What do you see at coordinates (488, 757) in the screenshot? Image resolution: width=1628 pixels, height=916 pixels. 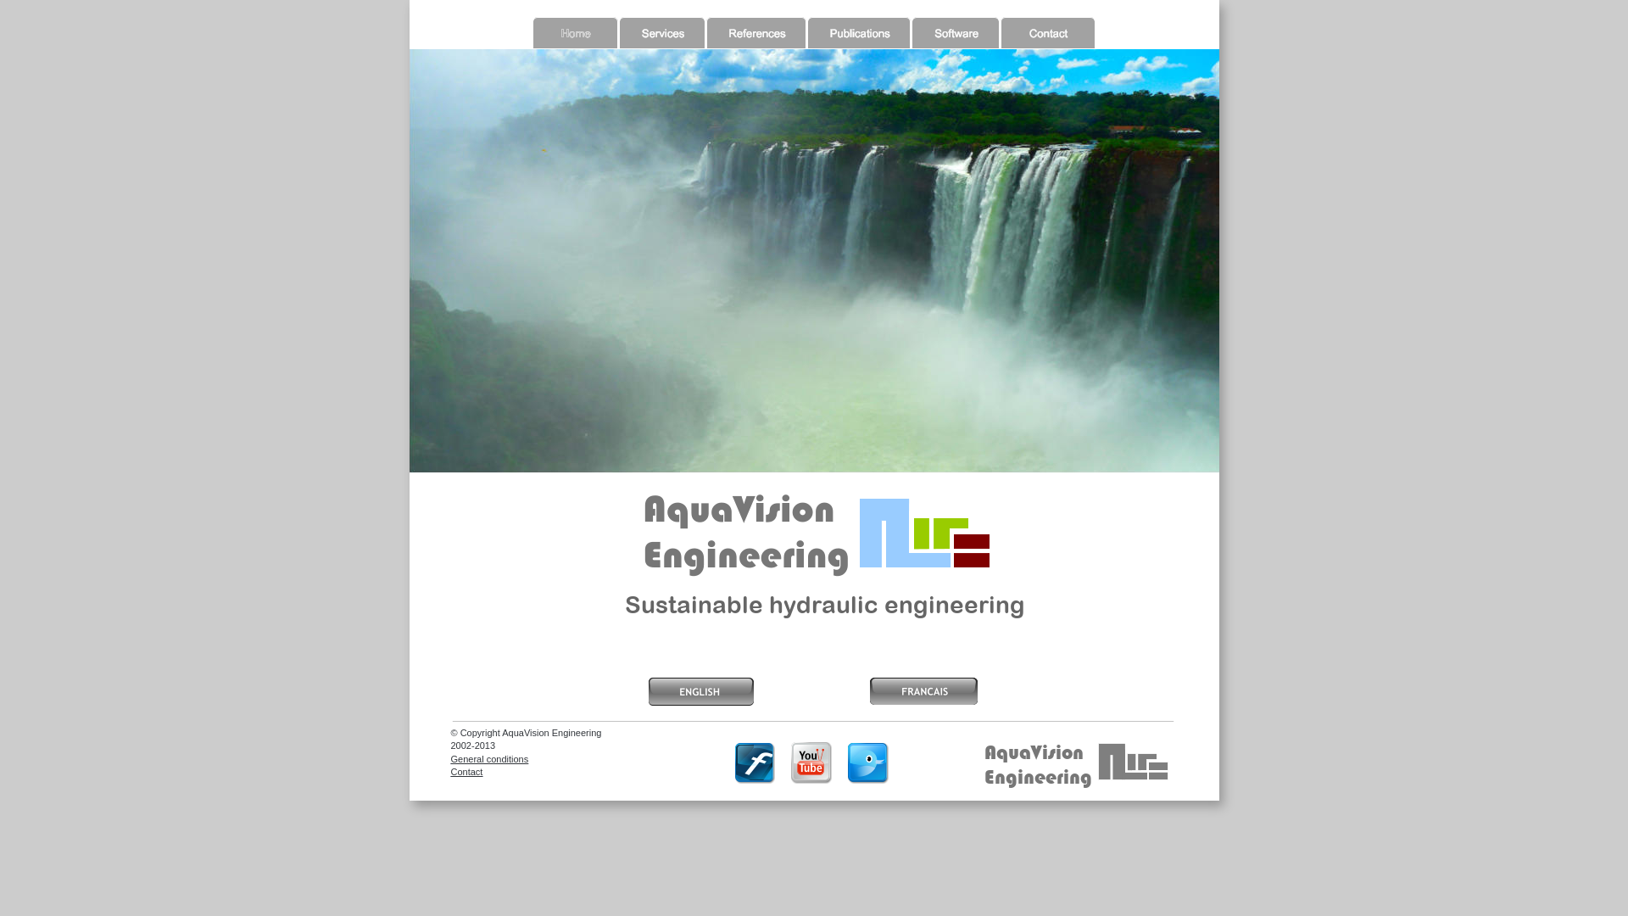 I see `'General conditions'` at bounding box center [488, 757].